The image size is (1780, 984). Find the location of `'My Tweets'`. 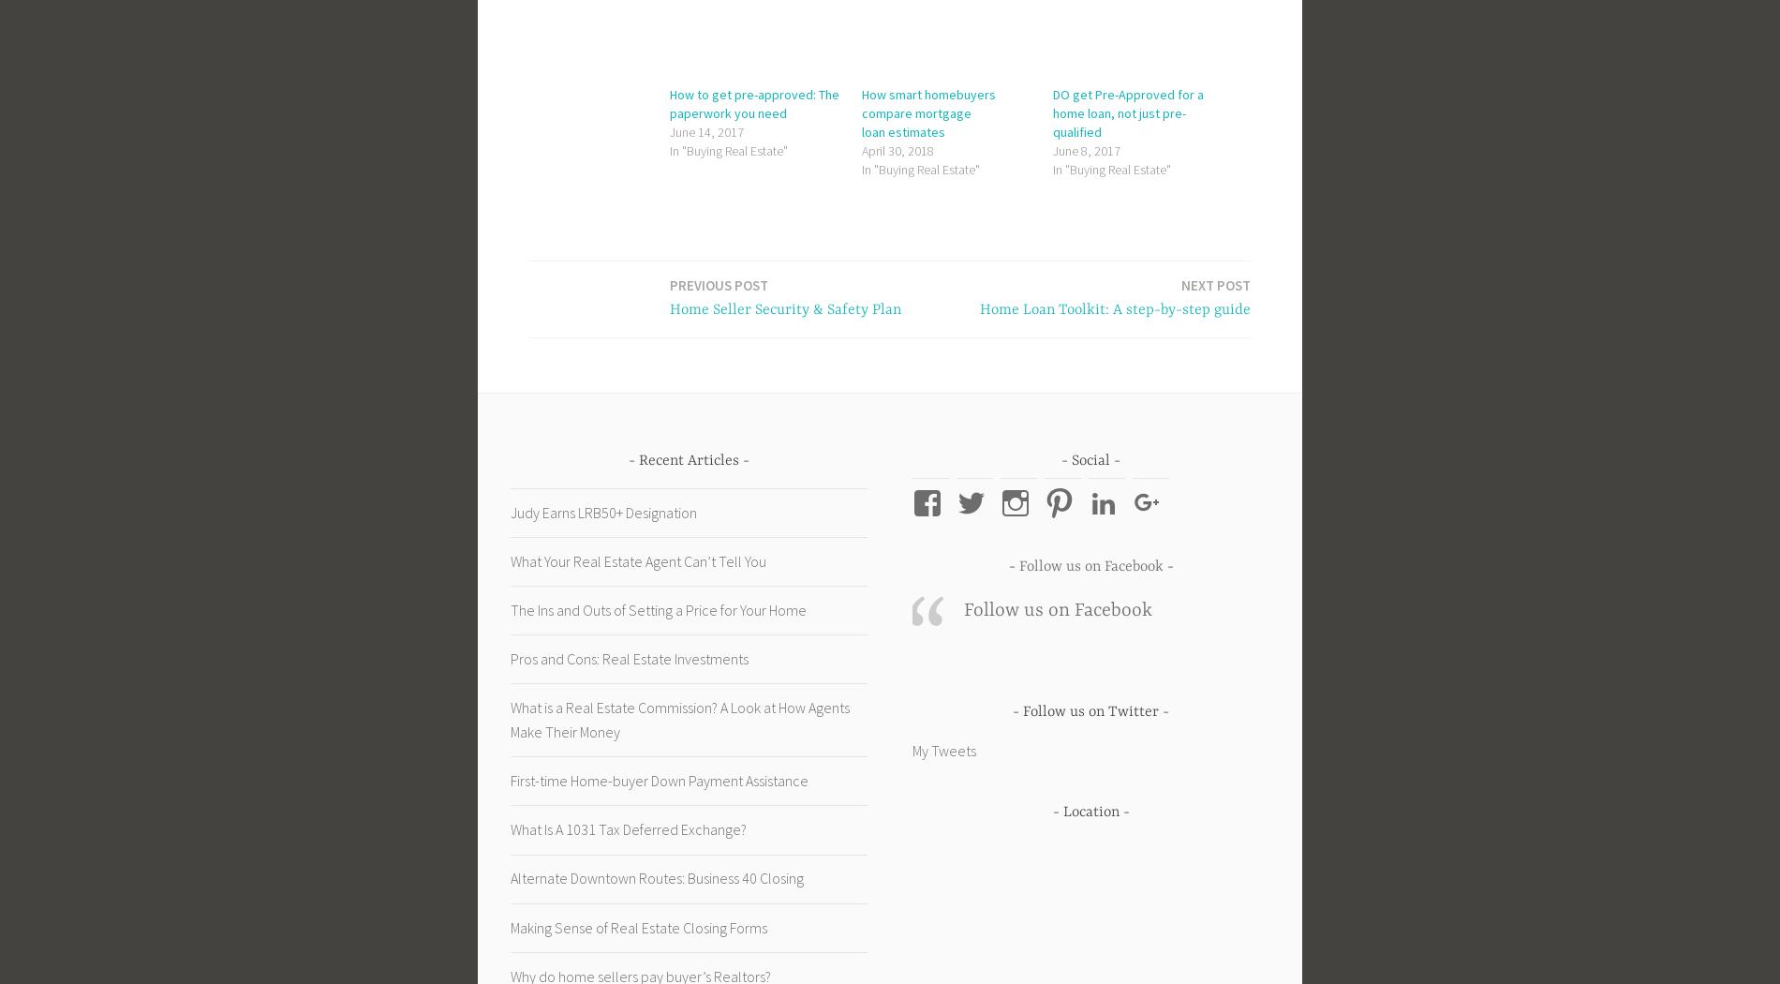

'My Tweets' is located at coordinates (943, 750).